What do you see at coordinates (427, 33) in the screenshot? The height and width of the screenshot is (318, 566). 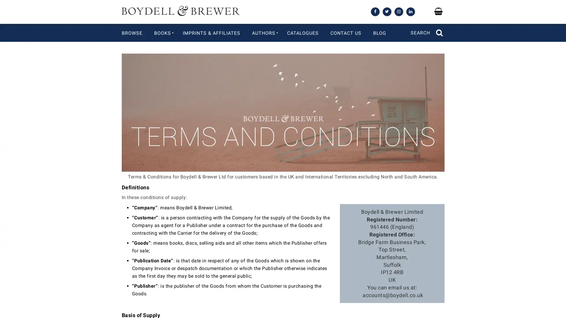 I see `SEARCH` at bounding box center [427, 33].